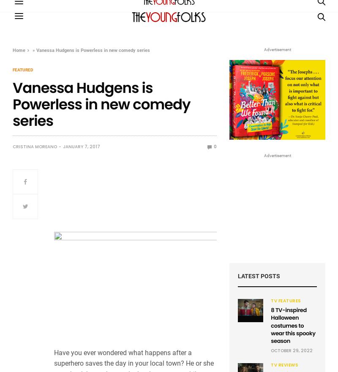  Describe the element at coordinates (35, 146) in the screenshot. I see `'Cristina Moreano'` at that location.